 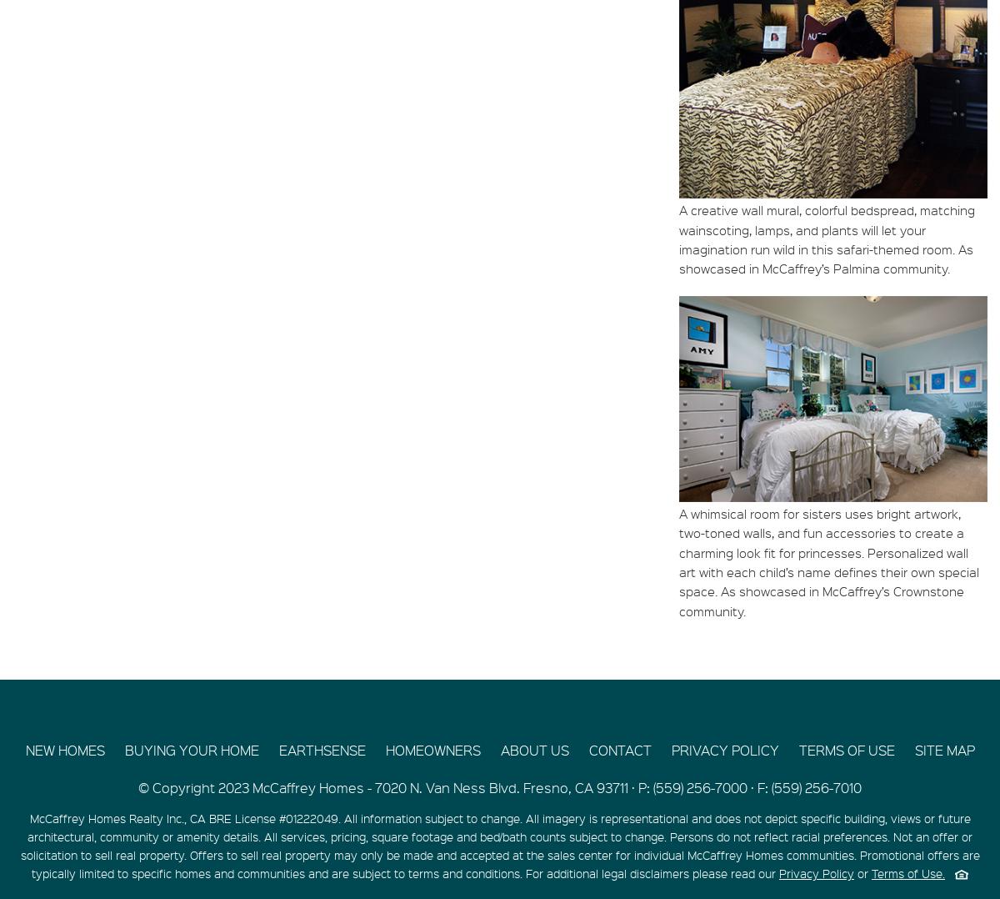 I want to click on 'Privacy Policy', so click(x=817, y=872).